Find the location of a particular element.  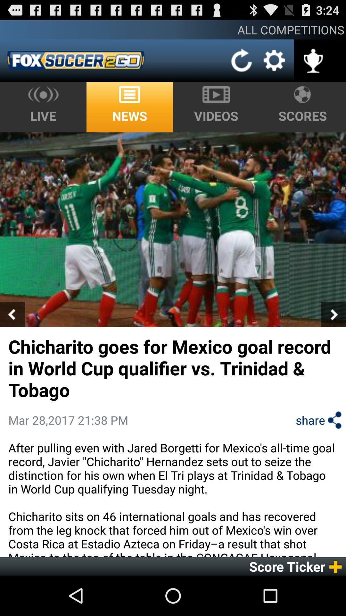

the app below the all competitions icon is located at coordinates (75, 60).